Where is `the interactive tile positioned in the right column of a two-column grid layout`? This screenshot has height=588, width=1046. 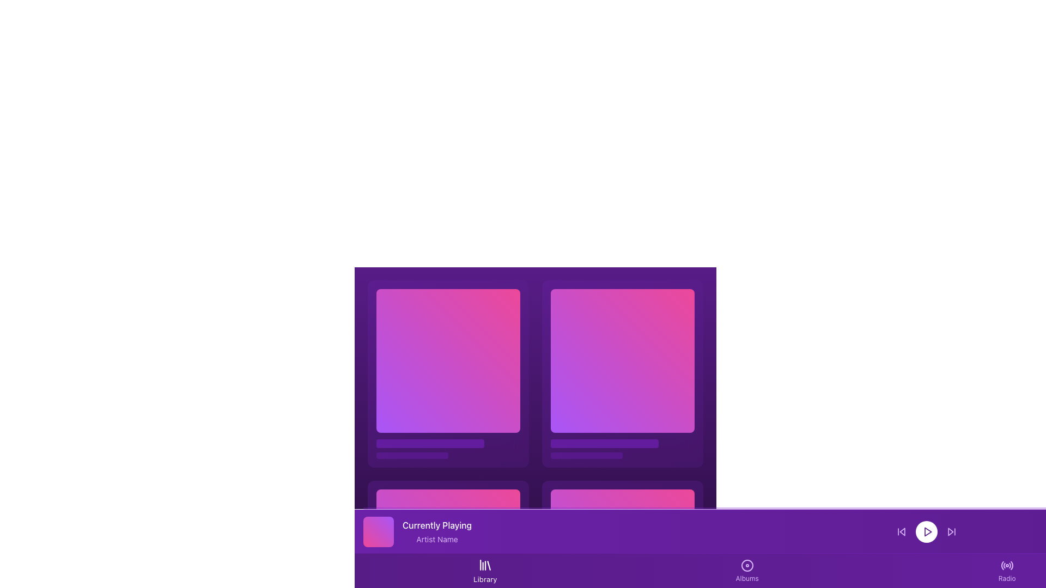
the interactive tile positioned in the right column of a two-column grid layout is located at coordinates (622, 373).